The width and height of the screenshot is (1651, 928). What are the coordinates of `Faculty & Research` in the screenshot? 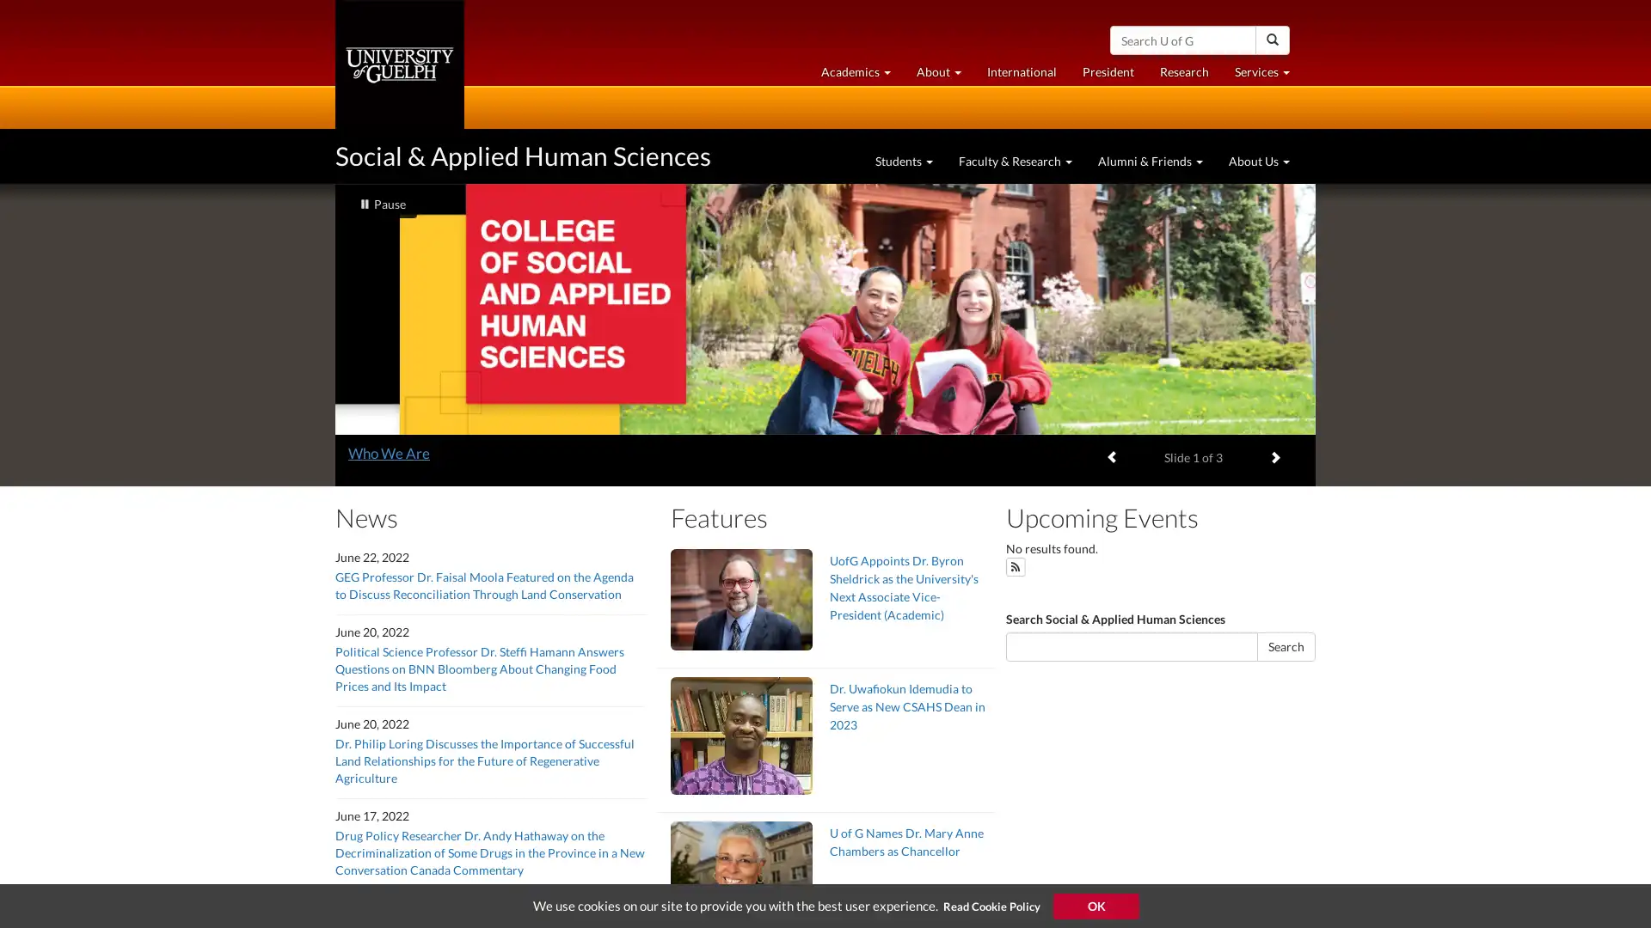 It's located at (1015, 162).